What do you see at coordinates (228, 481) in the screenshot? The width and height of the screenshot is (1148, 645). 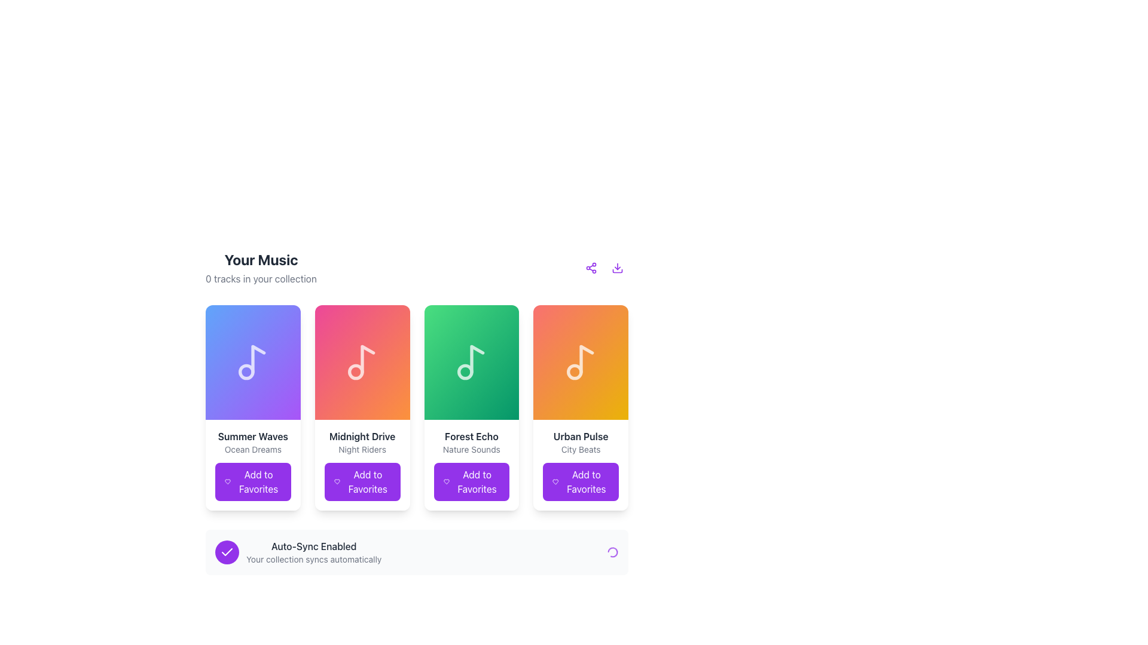 I see `the heart icon located to the left side of the 'Add to Favorites' button under the first card in the grid of musical items to interact with the 'Add to Favorites' functionality` at bounding box center [228, 481].